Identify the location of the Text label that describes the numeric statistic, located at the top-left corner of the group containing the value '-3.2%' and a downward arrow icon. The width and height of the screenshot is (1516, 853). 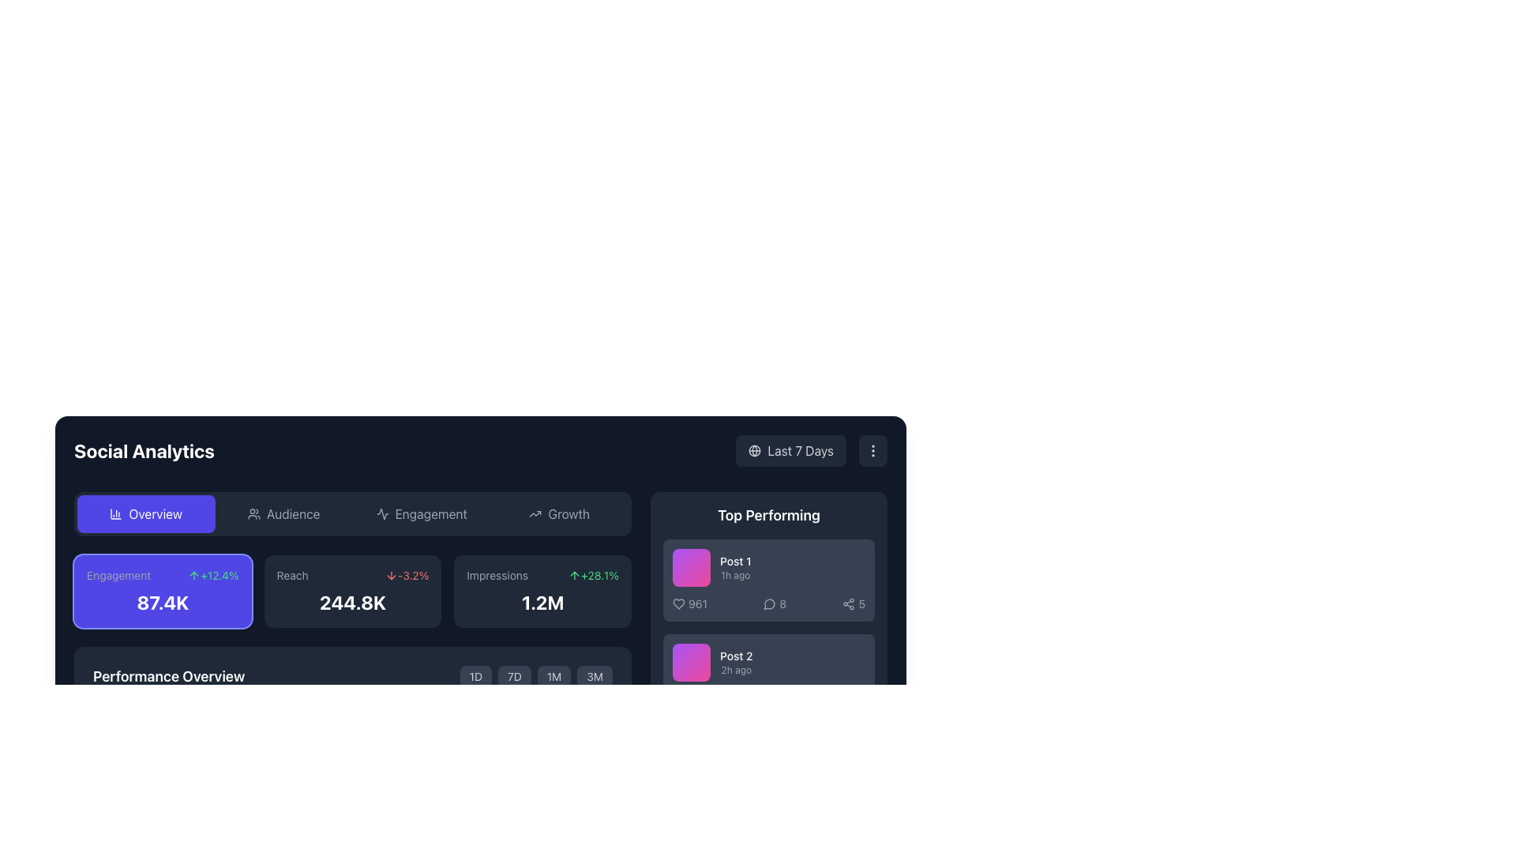
(292, 576).